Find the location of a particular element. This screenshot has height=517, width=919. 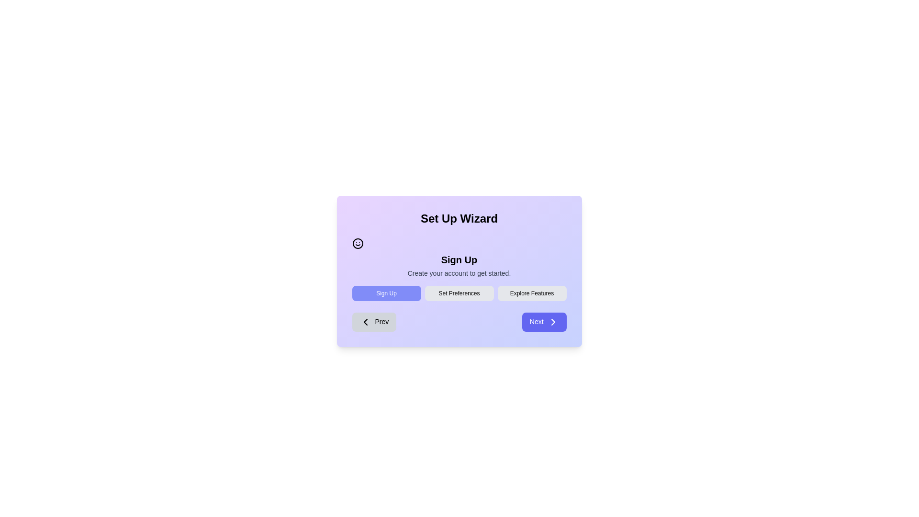

the right-pointing chevron icon is located at coordinates (553, 322).